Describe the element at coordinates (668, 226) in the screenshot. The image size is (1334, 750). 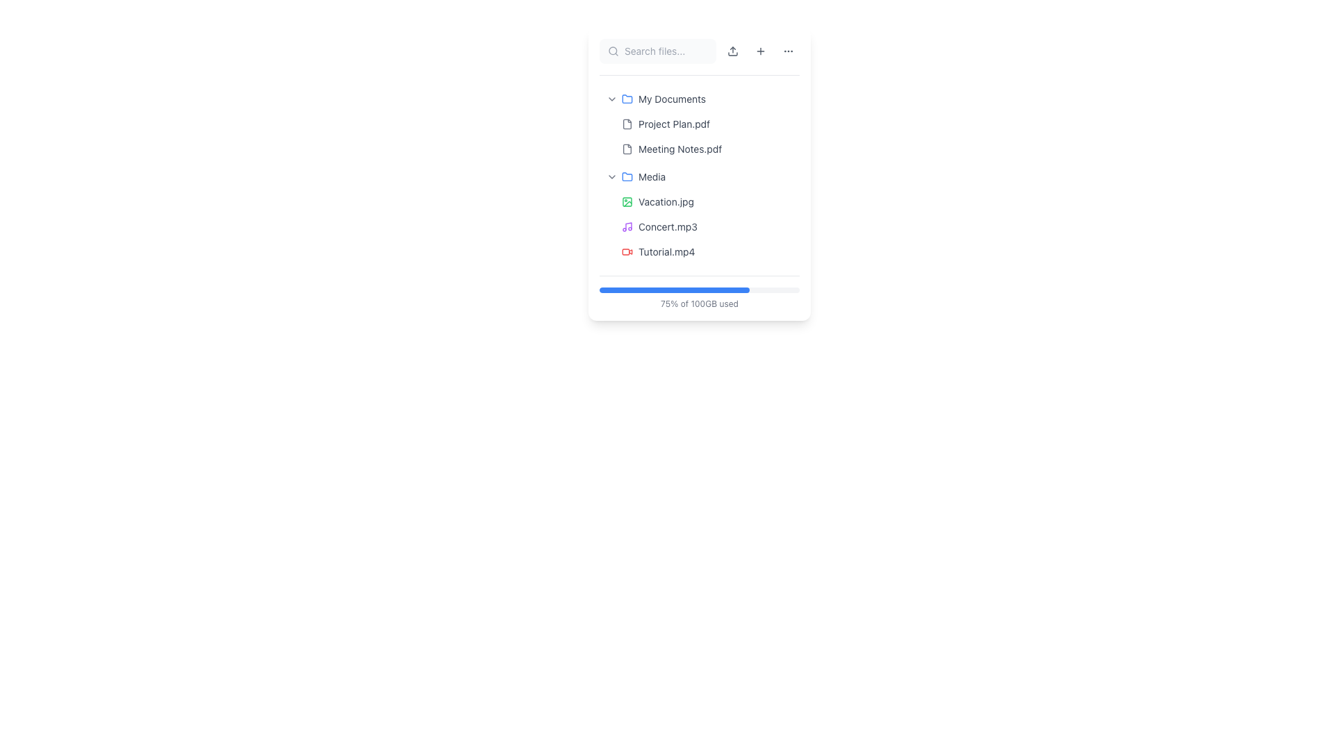
I see `on the text label 'Concert.mp3' which is the second item in the Media list, following 'Vacation.jpg' and preceding 'Tutorial.mp4'` at that location.